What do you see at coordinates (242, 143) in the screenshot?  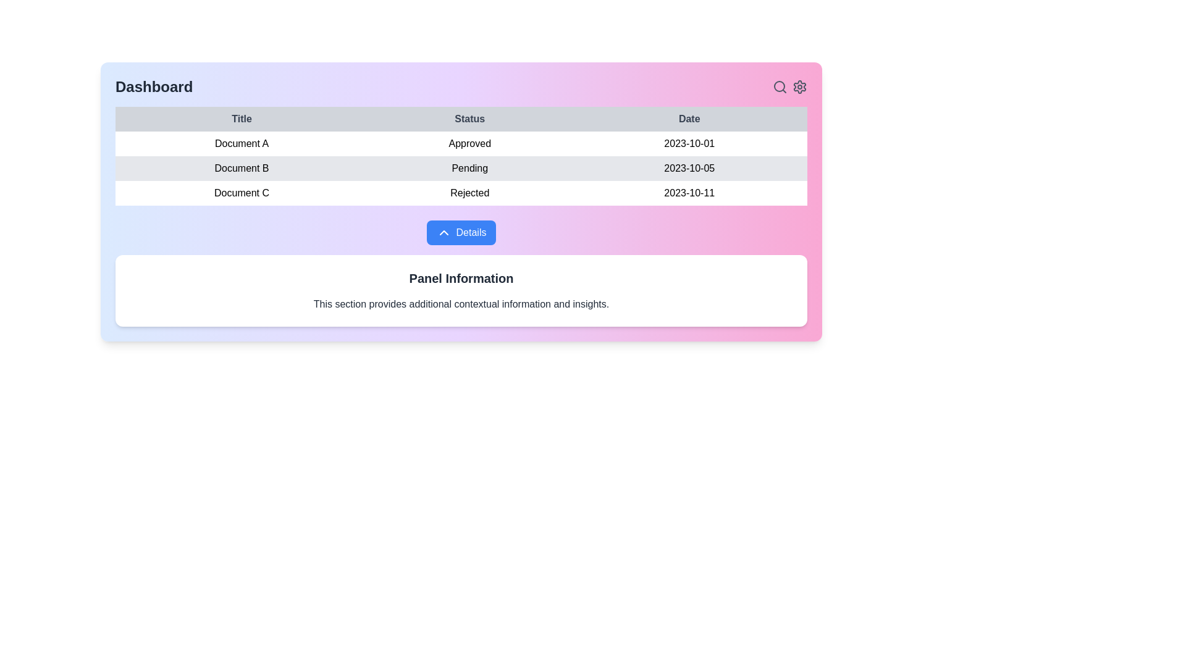 I see `the static text label displaying 'Document A' in the first row of the table under the 'Title' column` at bounding box center [242, 143].